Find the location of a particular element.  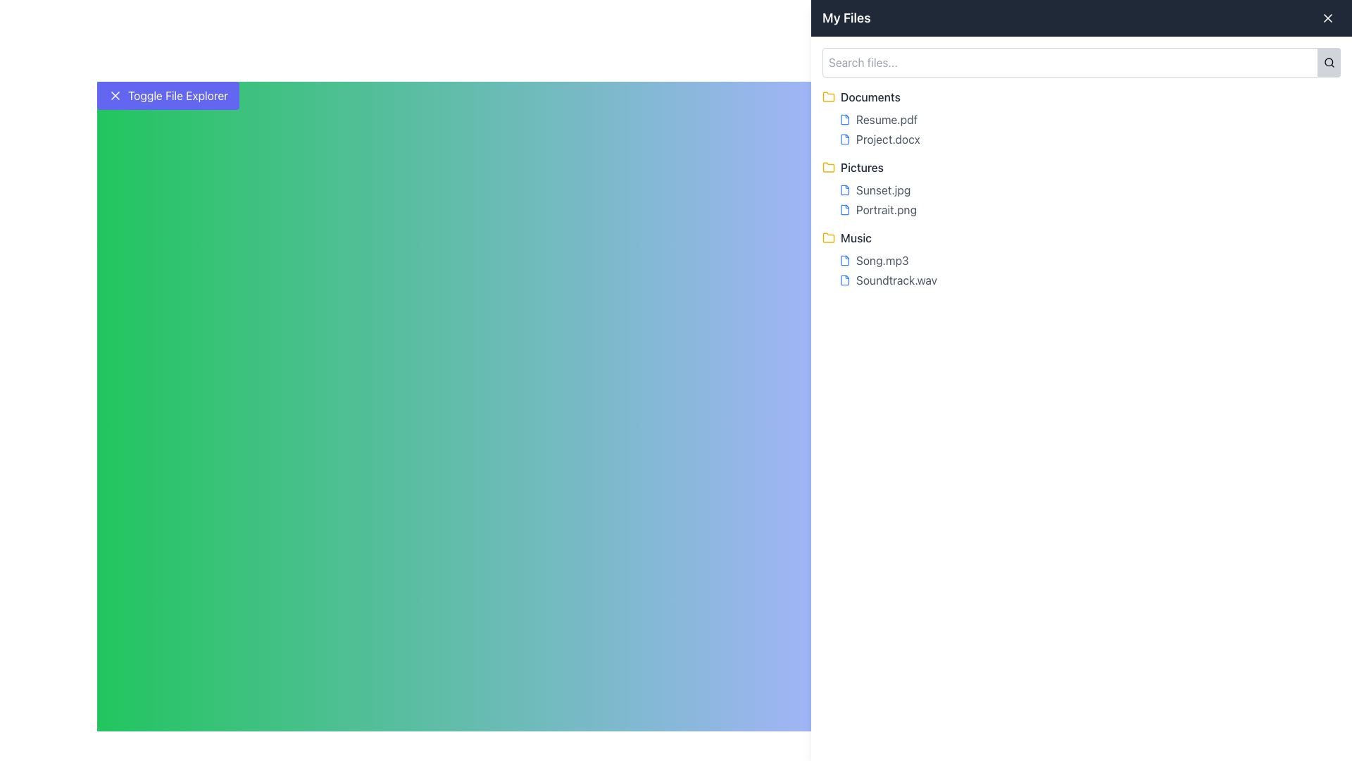

text label that displays 'My Files', which is located at the top-left corner of the header bar is located at coordinates (846, 18).